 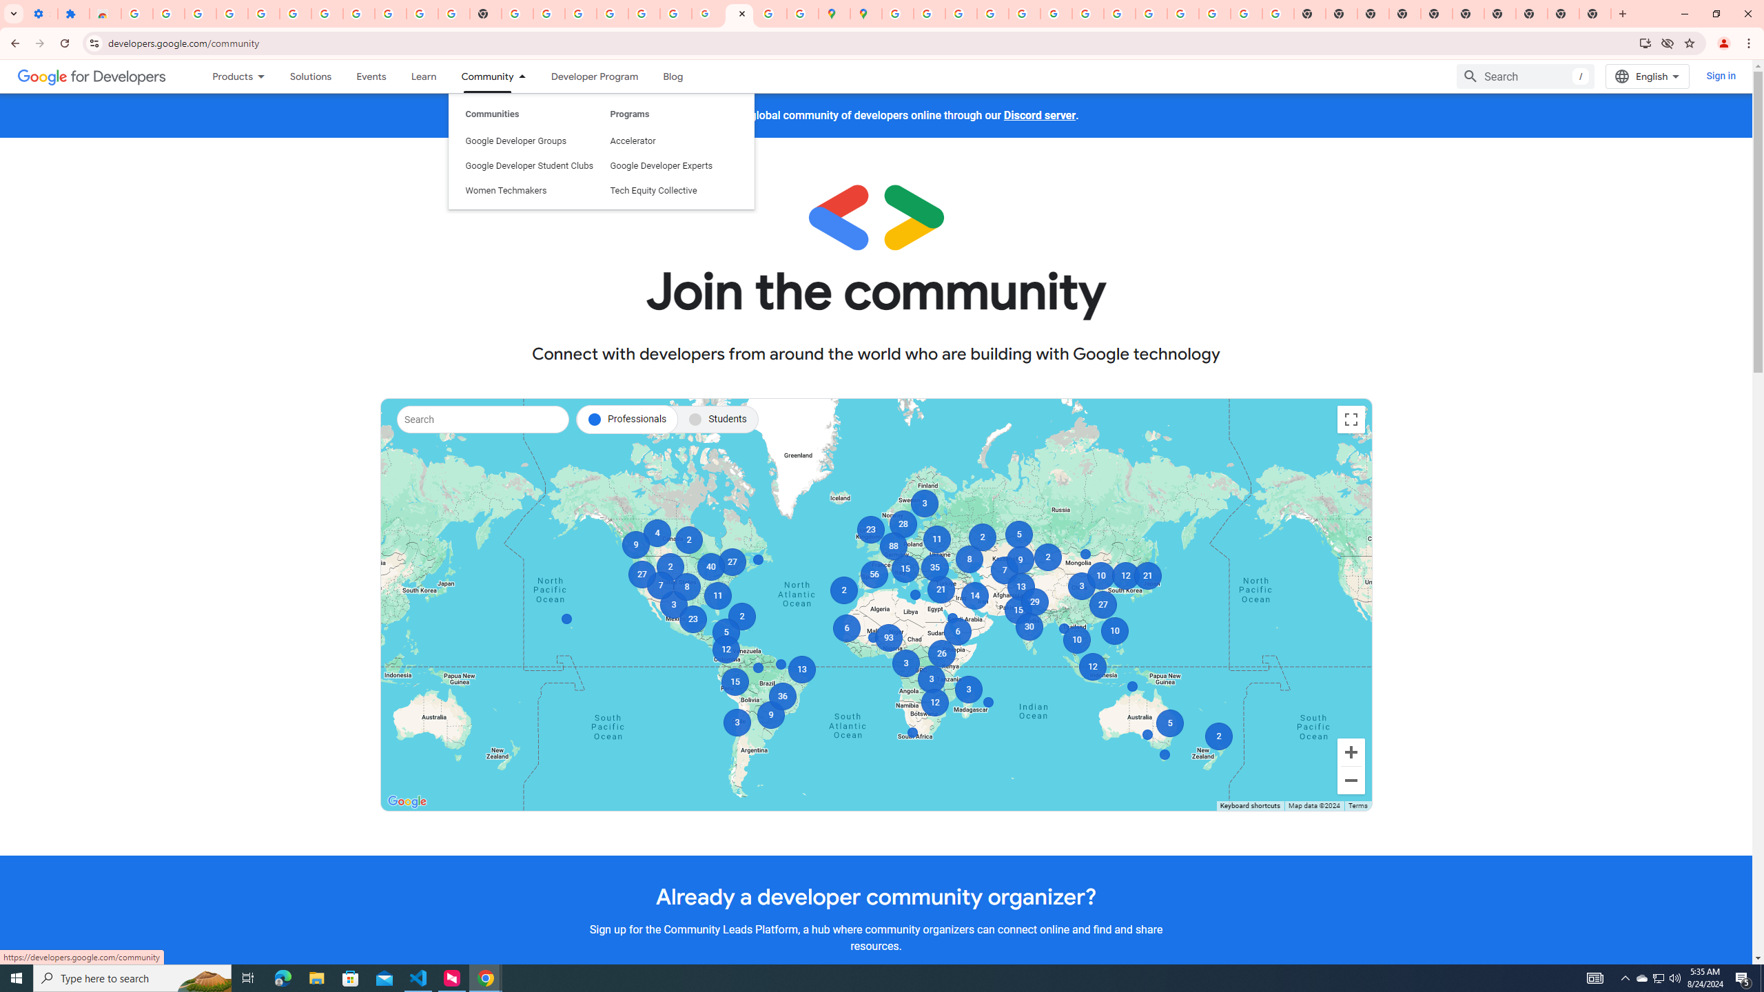 I want to click on 'Toggle fullscreen view', so click(x=1351, y=419).